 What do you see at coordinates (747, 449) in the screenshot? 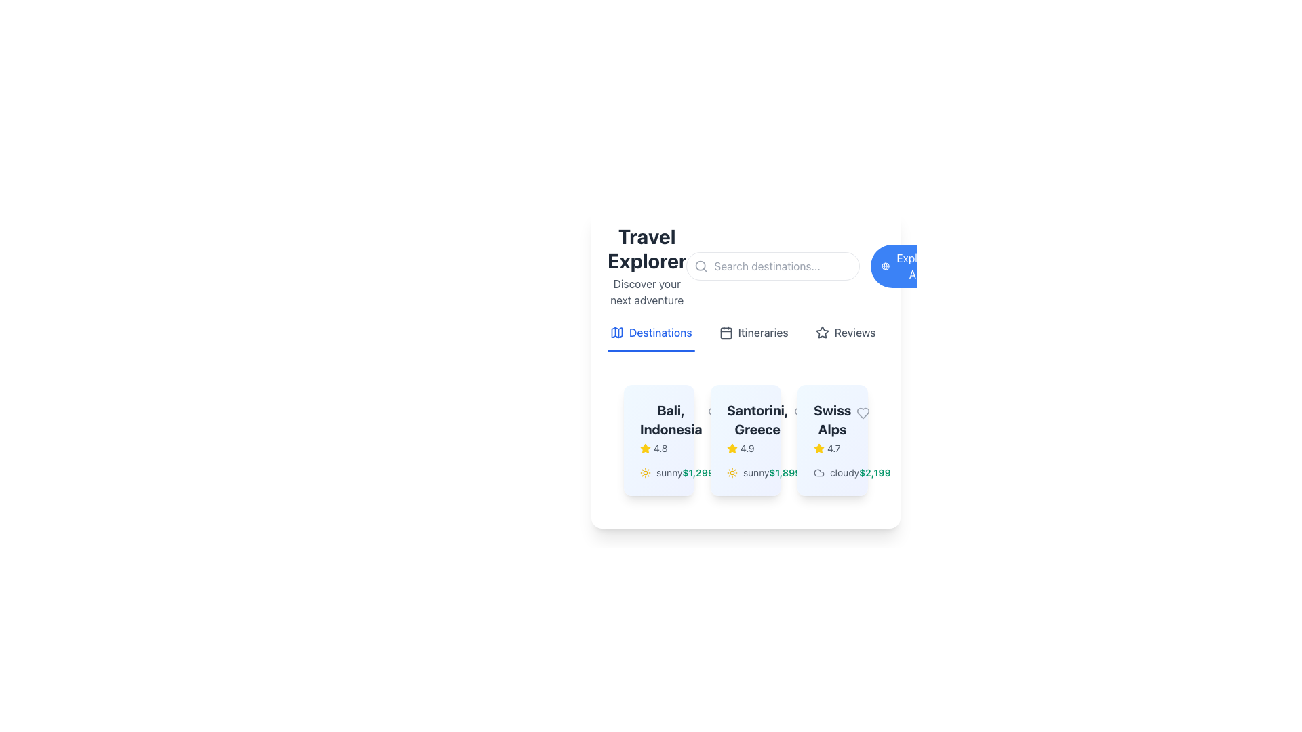
I see `value displayed in the text label showing '4.9', which is located next to a star icon in the second card under the 'Santorini, Greece' section` at bounding box center [747, 449].